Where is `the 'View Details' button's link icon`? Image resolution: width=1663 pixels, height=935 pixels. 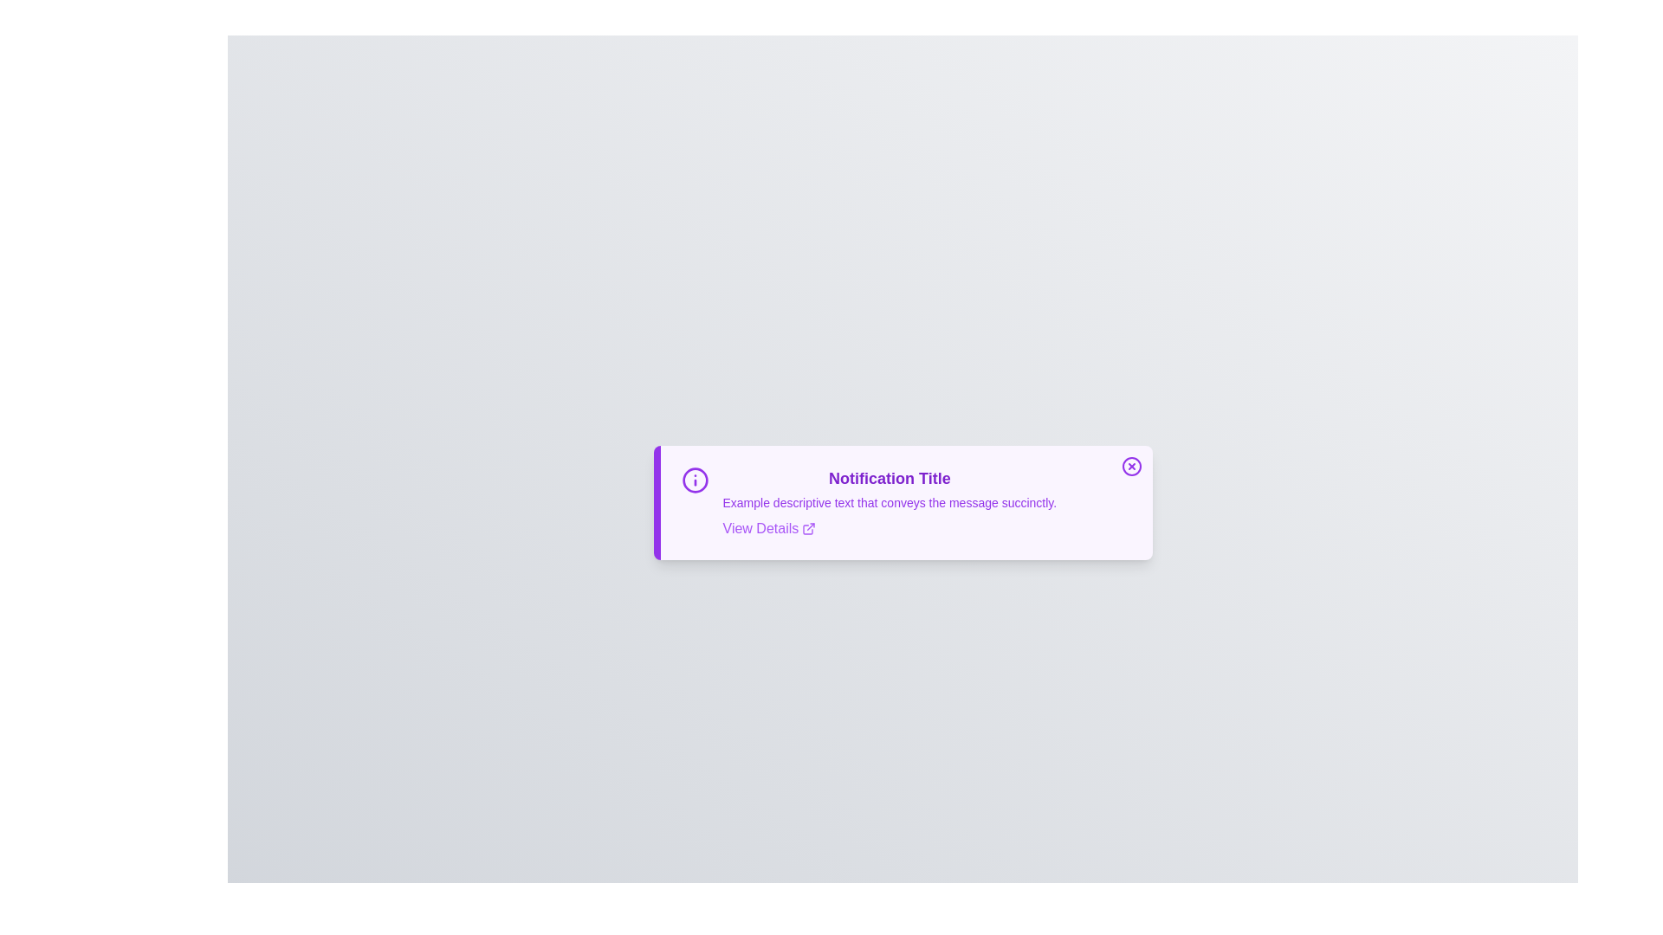
the 'View Details' button's link icon is located at coordinates (808, 527).